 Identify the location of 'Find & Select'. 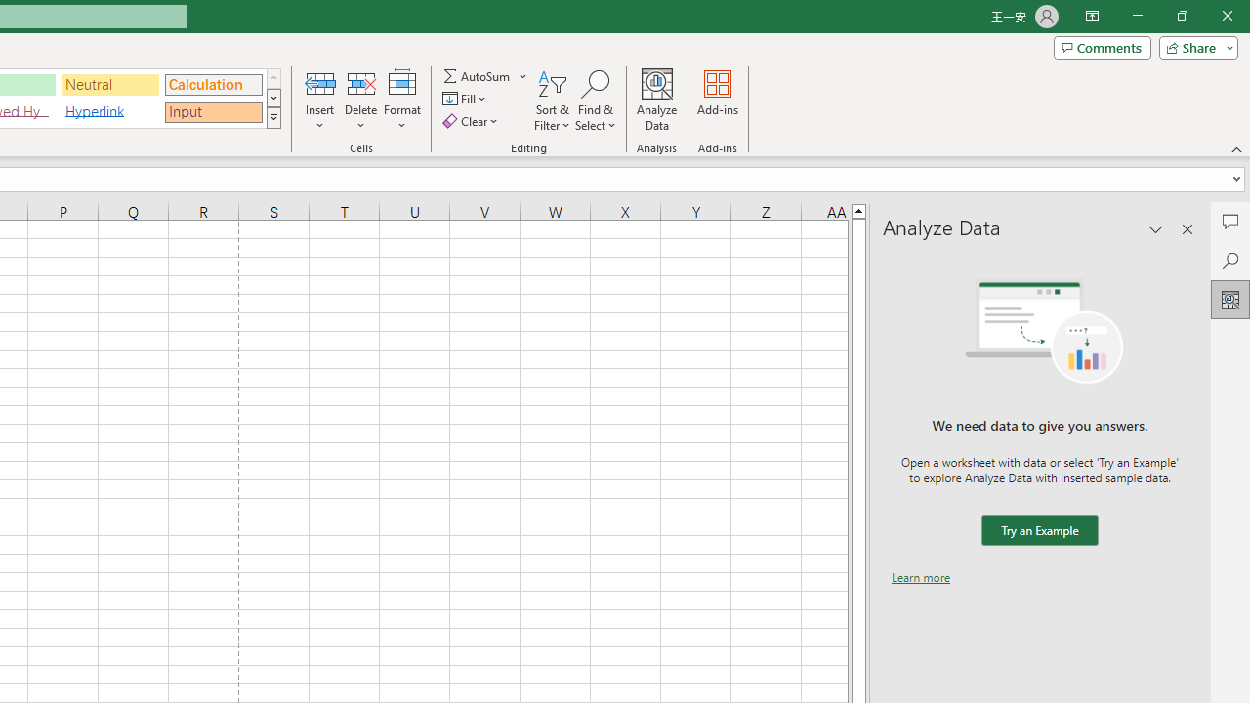
(595, 101).